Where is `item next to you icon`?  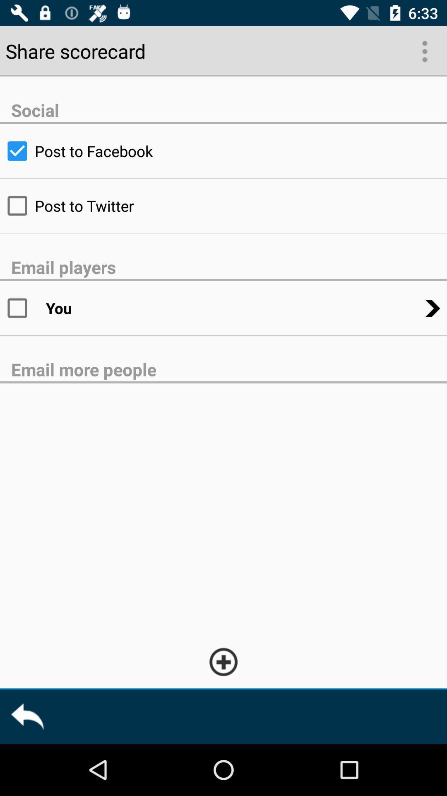 item next to you icon is located at coordinates (22, 308).